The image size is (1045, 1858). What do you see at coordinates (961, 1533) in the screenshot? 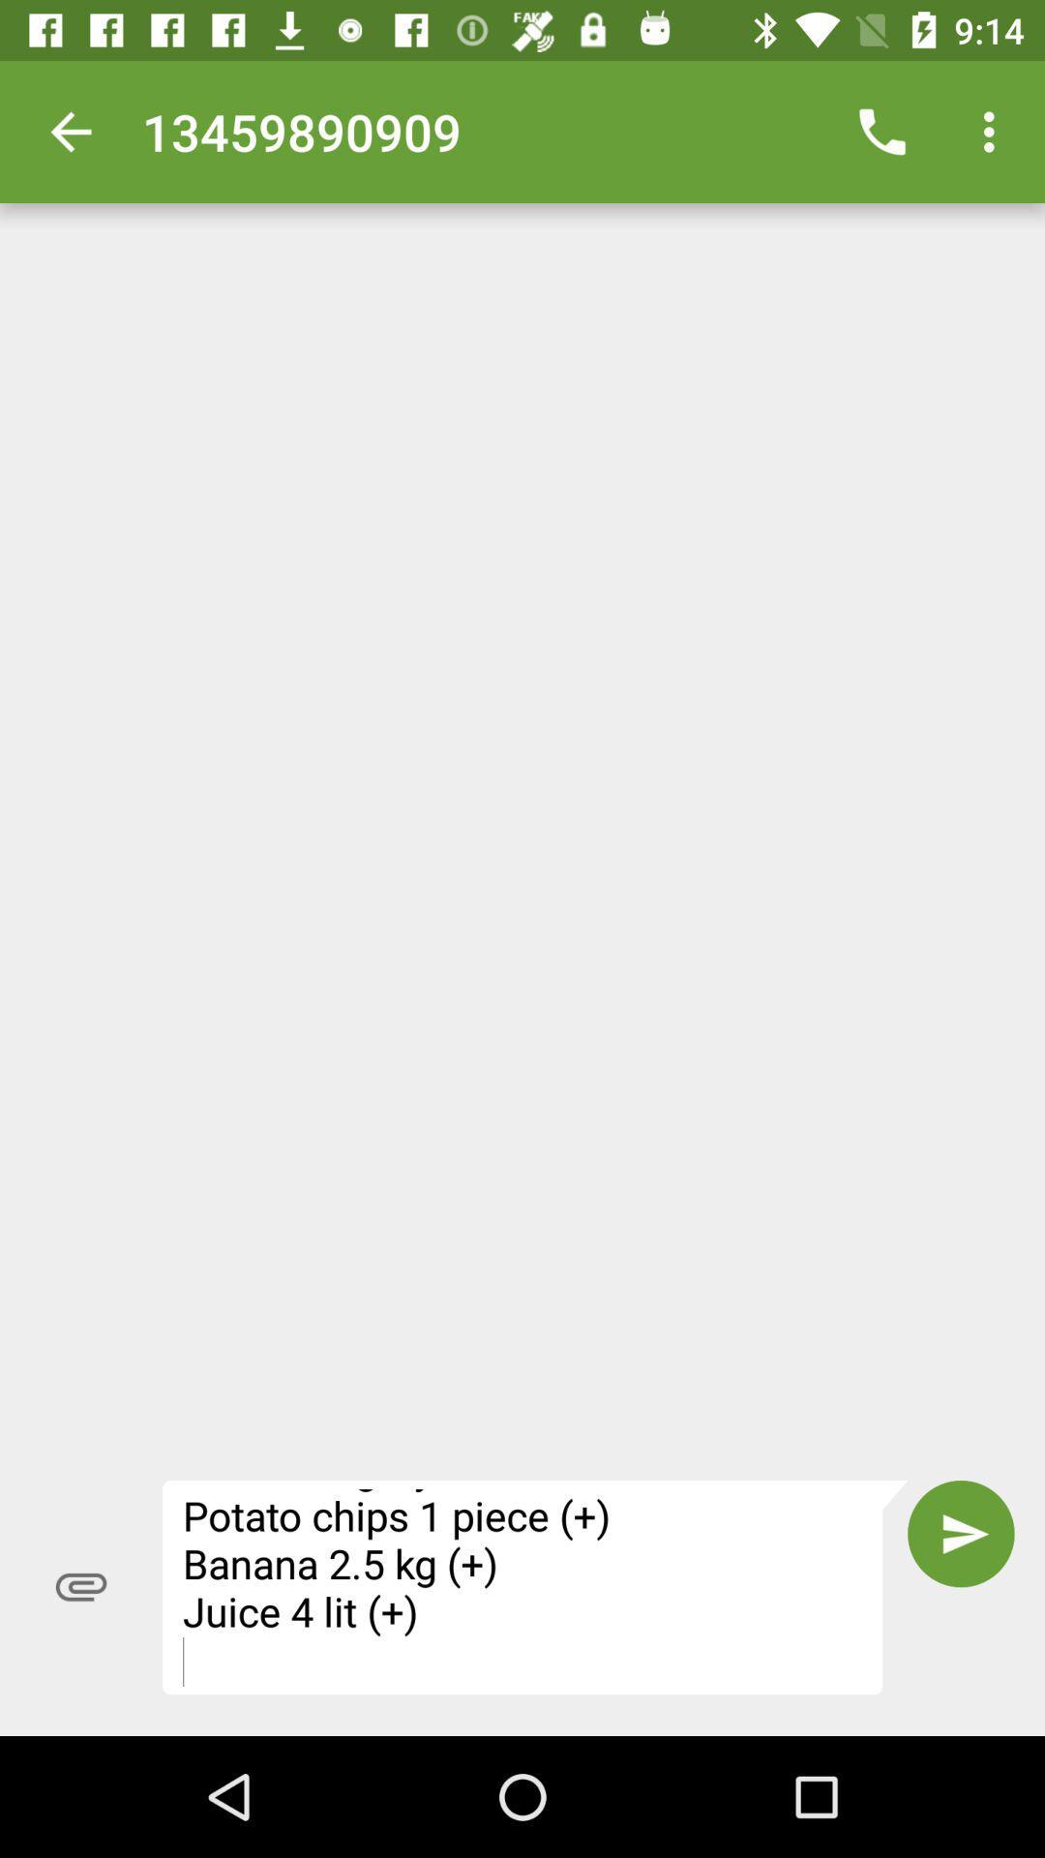
I see `icon next to fivefly shopping list item` at bounding box center [961, 1533].